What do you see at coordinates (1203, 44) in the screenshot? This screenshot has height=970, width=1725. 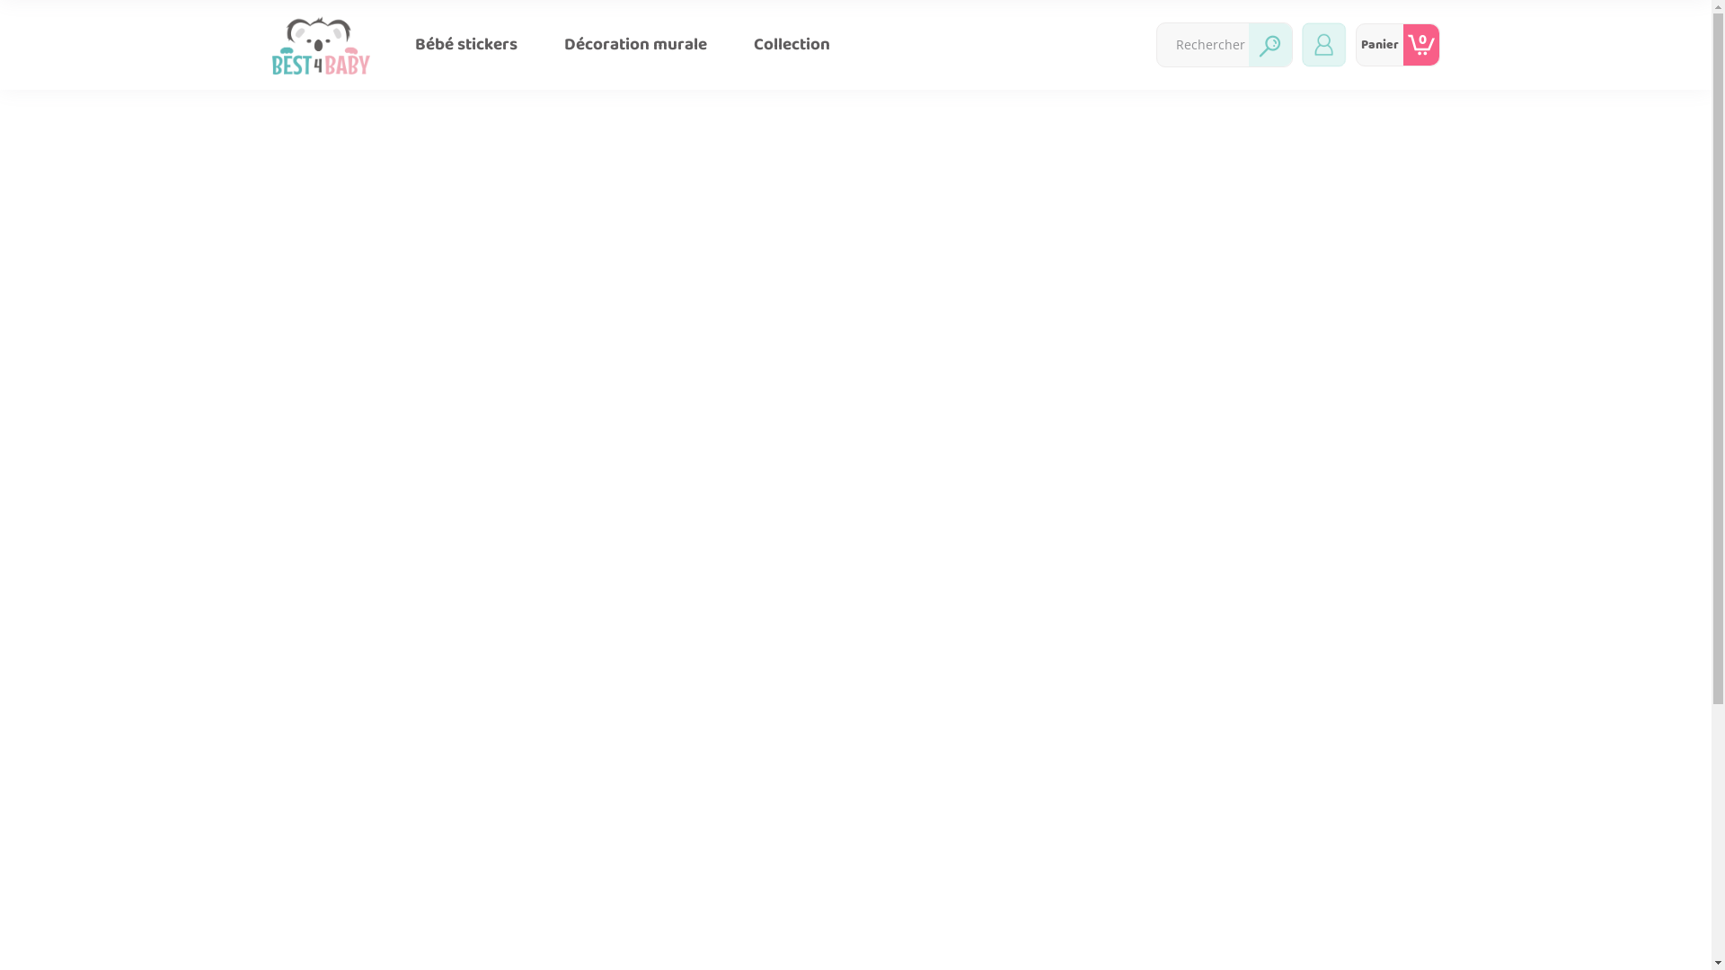 I see `'Search for:'` at bounding box center [1203, 44].